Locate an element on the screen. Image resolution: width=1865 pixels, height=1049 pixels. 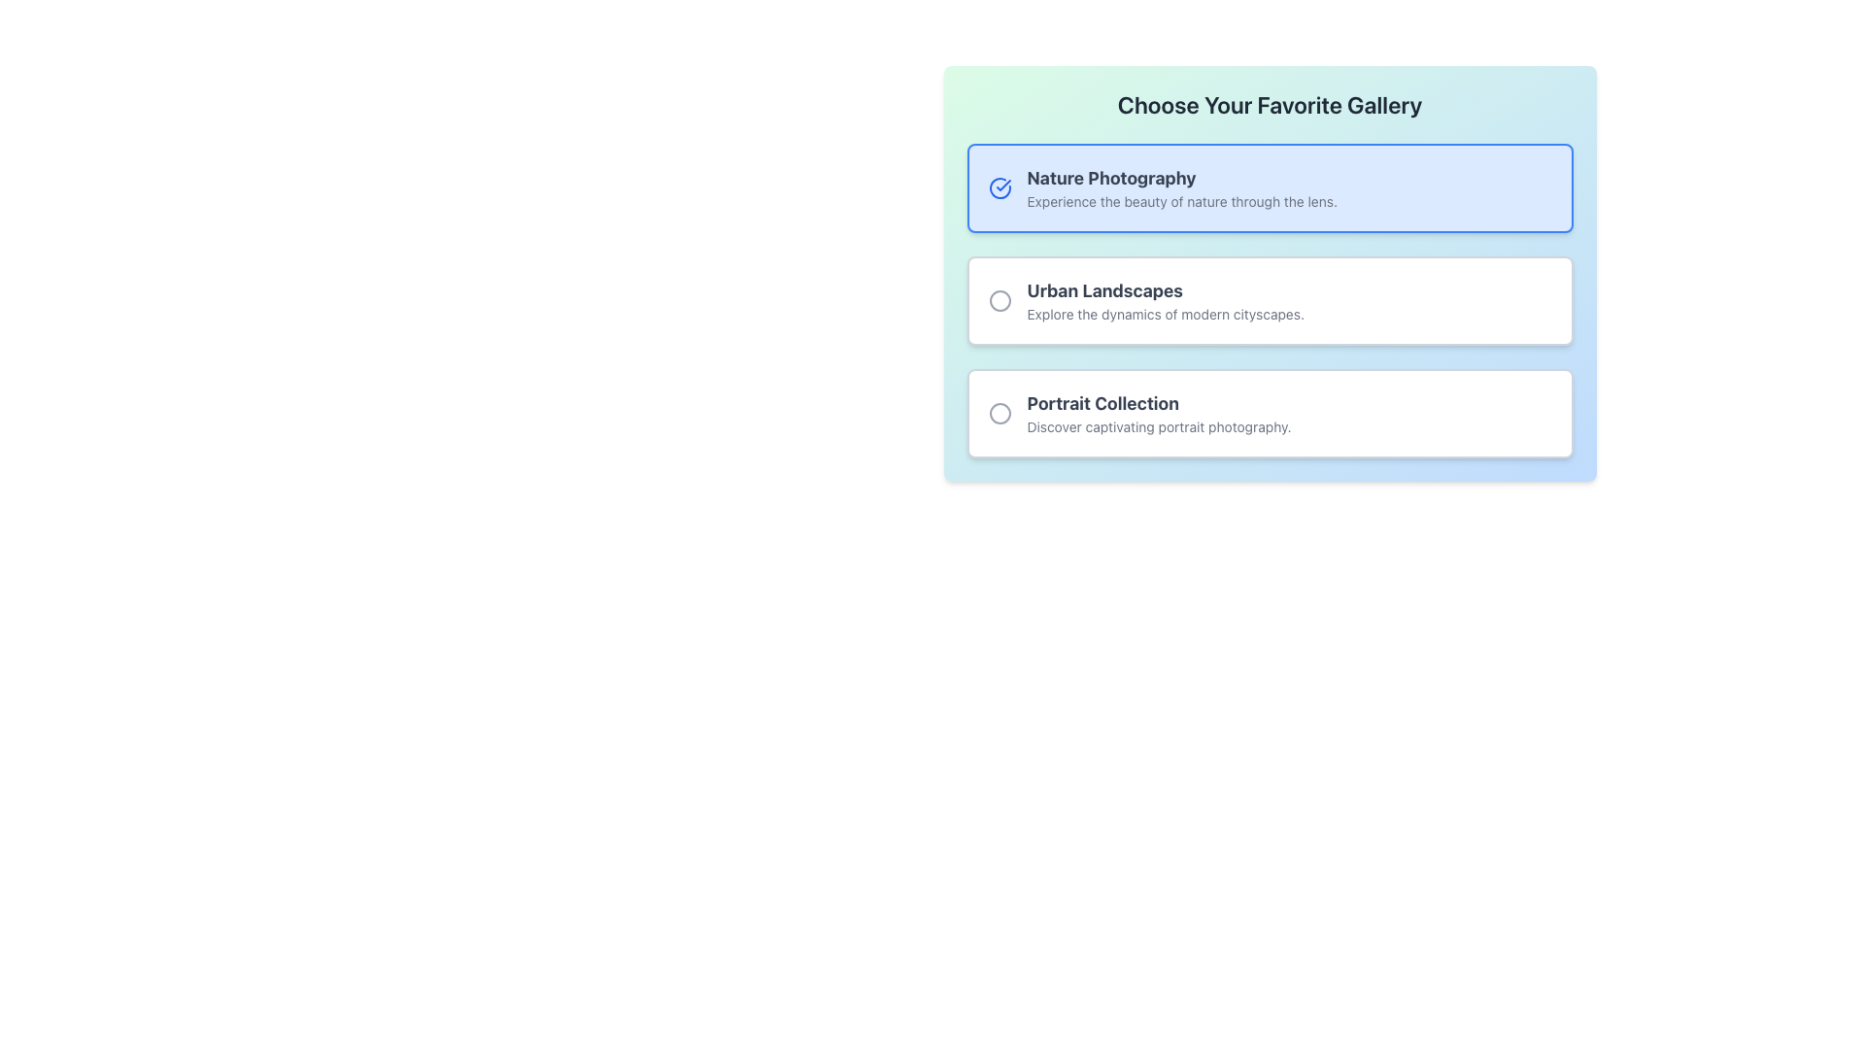
the 'Urban Landscapes' text label pair is located at coordinates (1166, 300).